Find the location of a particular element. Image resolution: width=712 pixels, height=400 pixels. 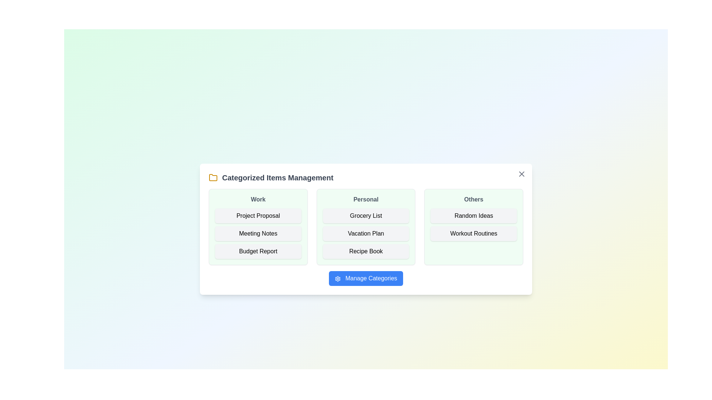

the close button to close the dialog is located at coordinates (521, 174).